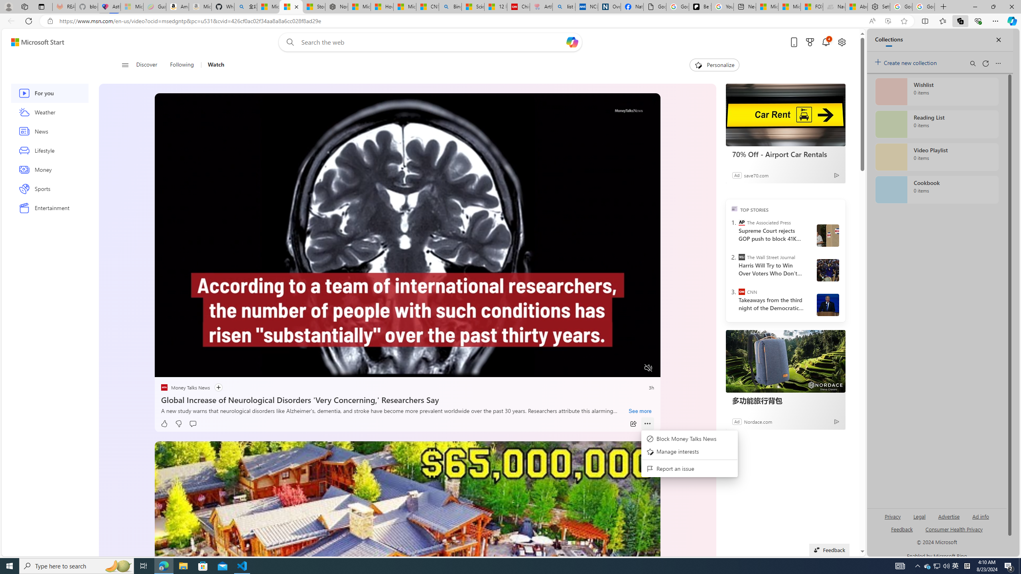  What do you see at coordinates (182, 368) in the screenshot?
I see `'Seek Back'` at bounding box center [182, 368].